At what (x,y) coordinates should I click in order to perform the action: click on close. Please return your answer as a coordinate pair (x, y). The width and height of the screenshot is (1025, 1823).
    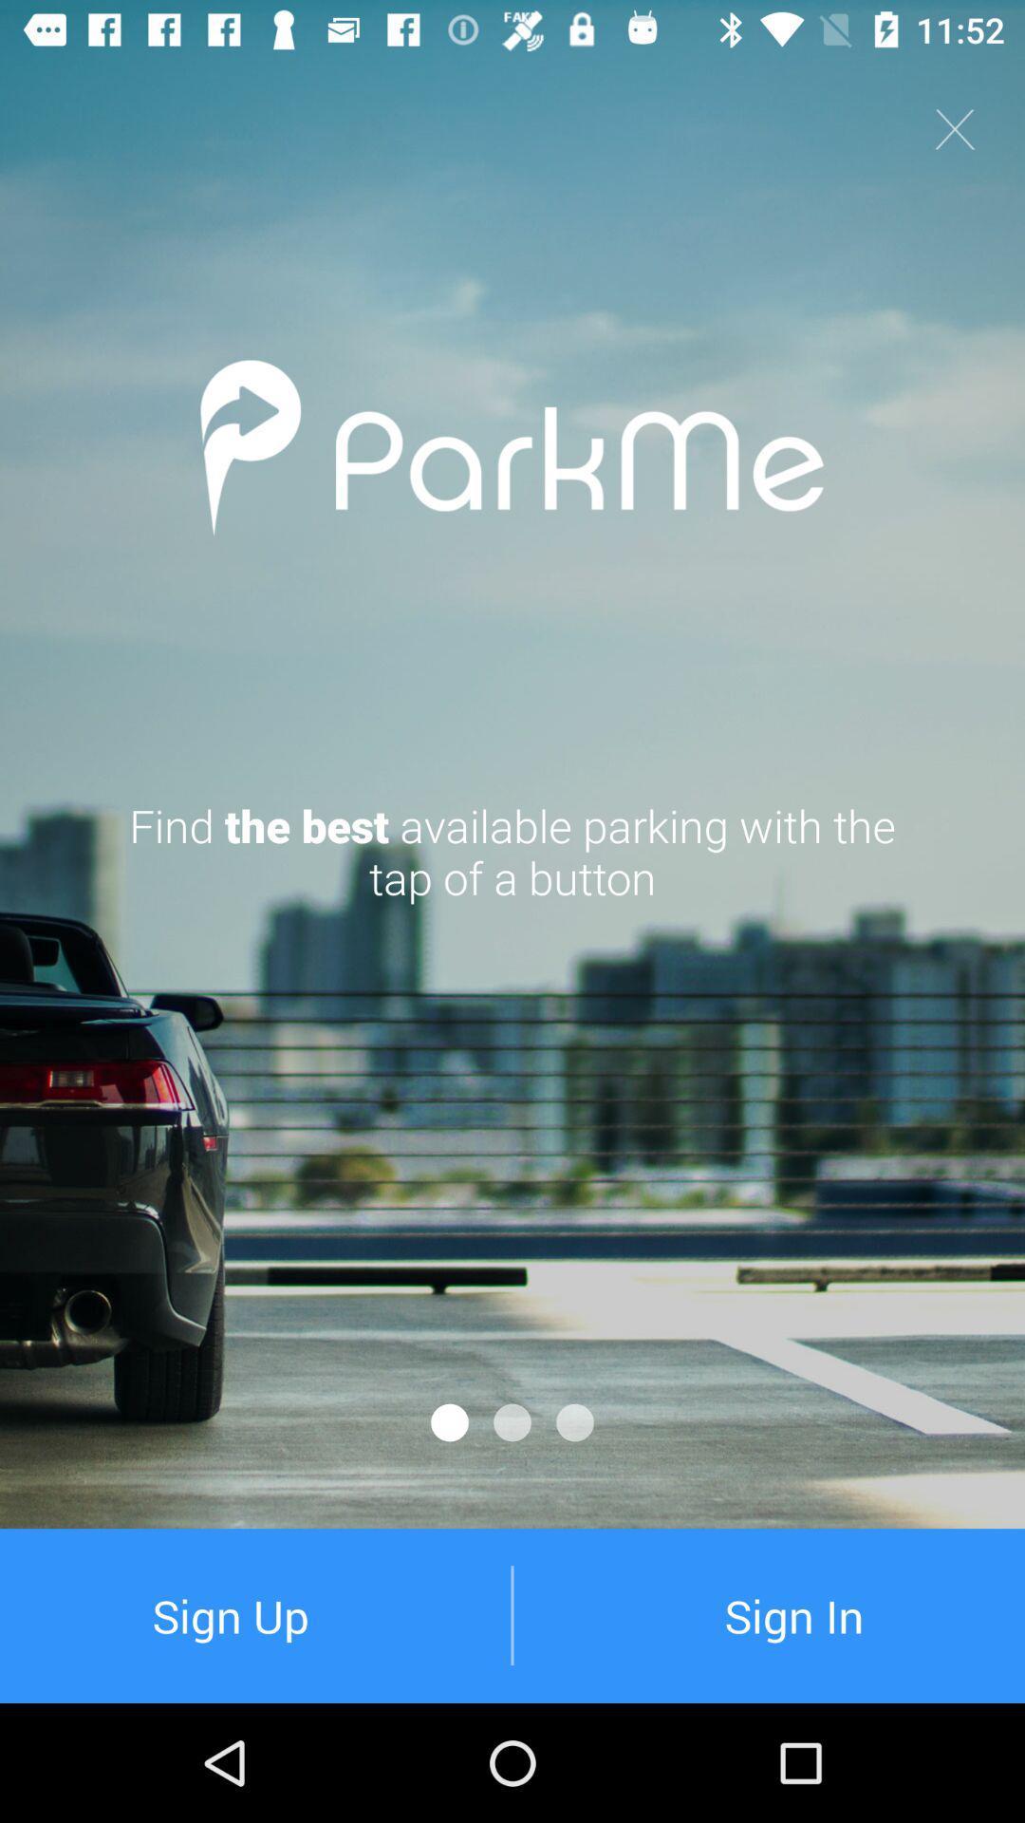
    Looking at the image, I should click on (955, 128).